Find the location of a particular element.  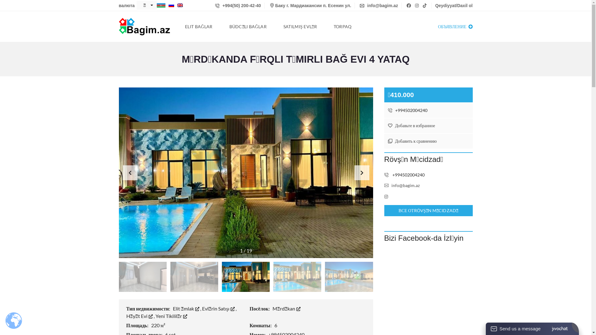

'+994502004240' is located at coordinates (384, 110).